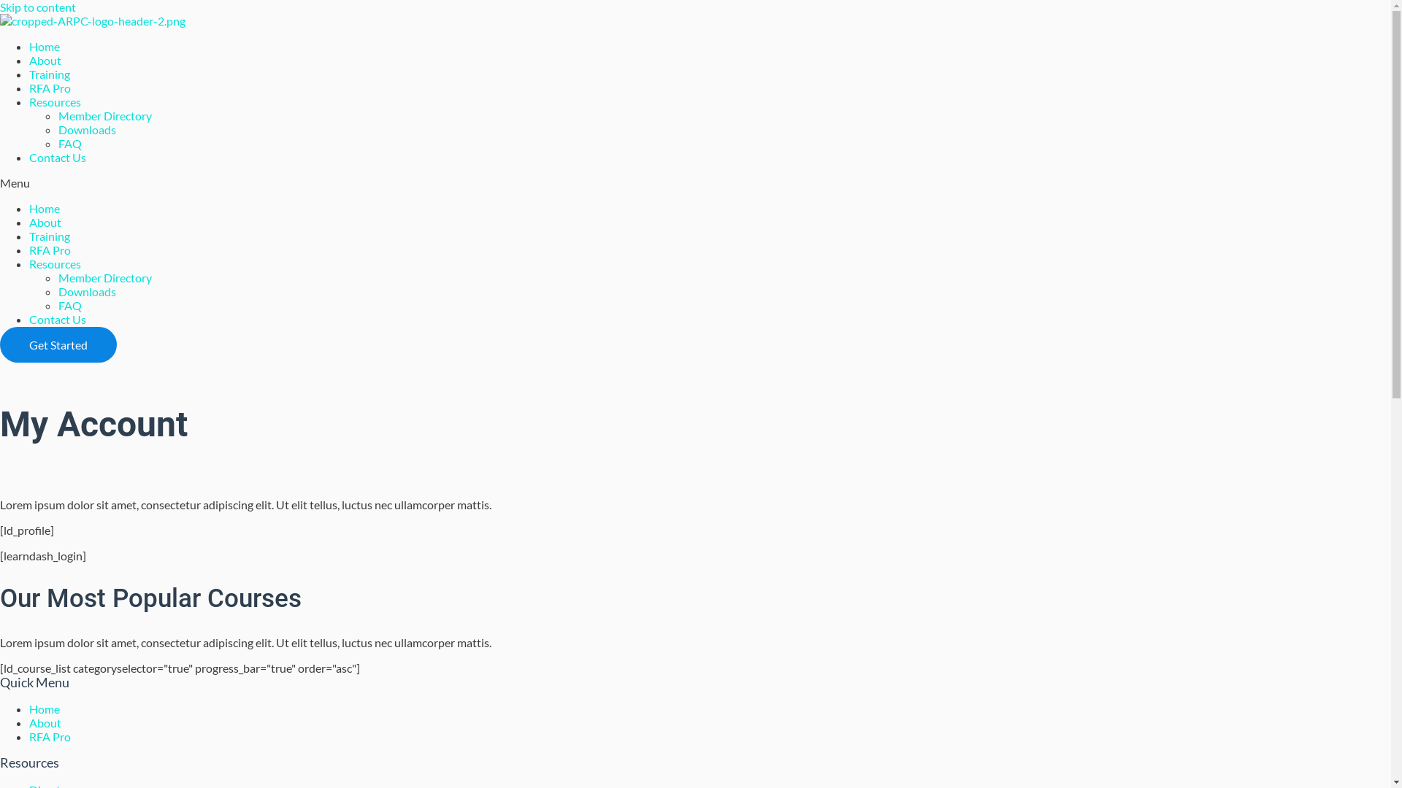  I want to click on 'About', so click(45, 222).